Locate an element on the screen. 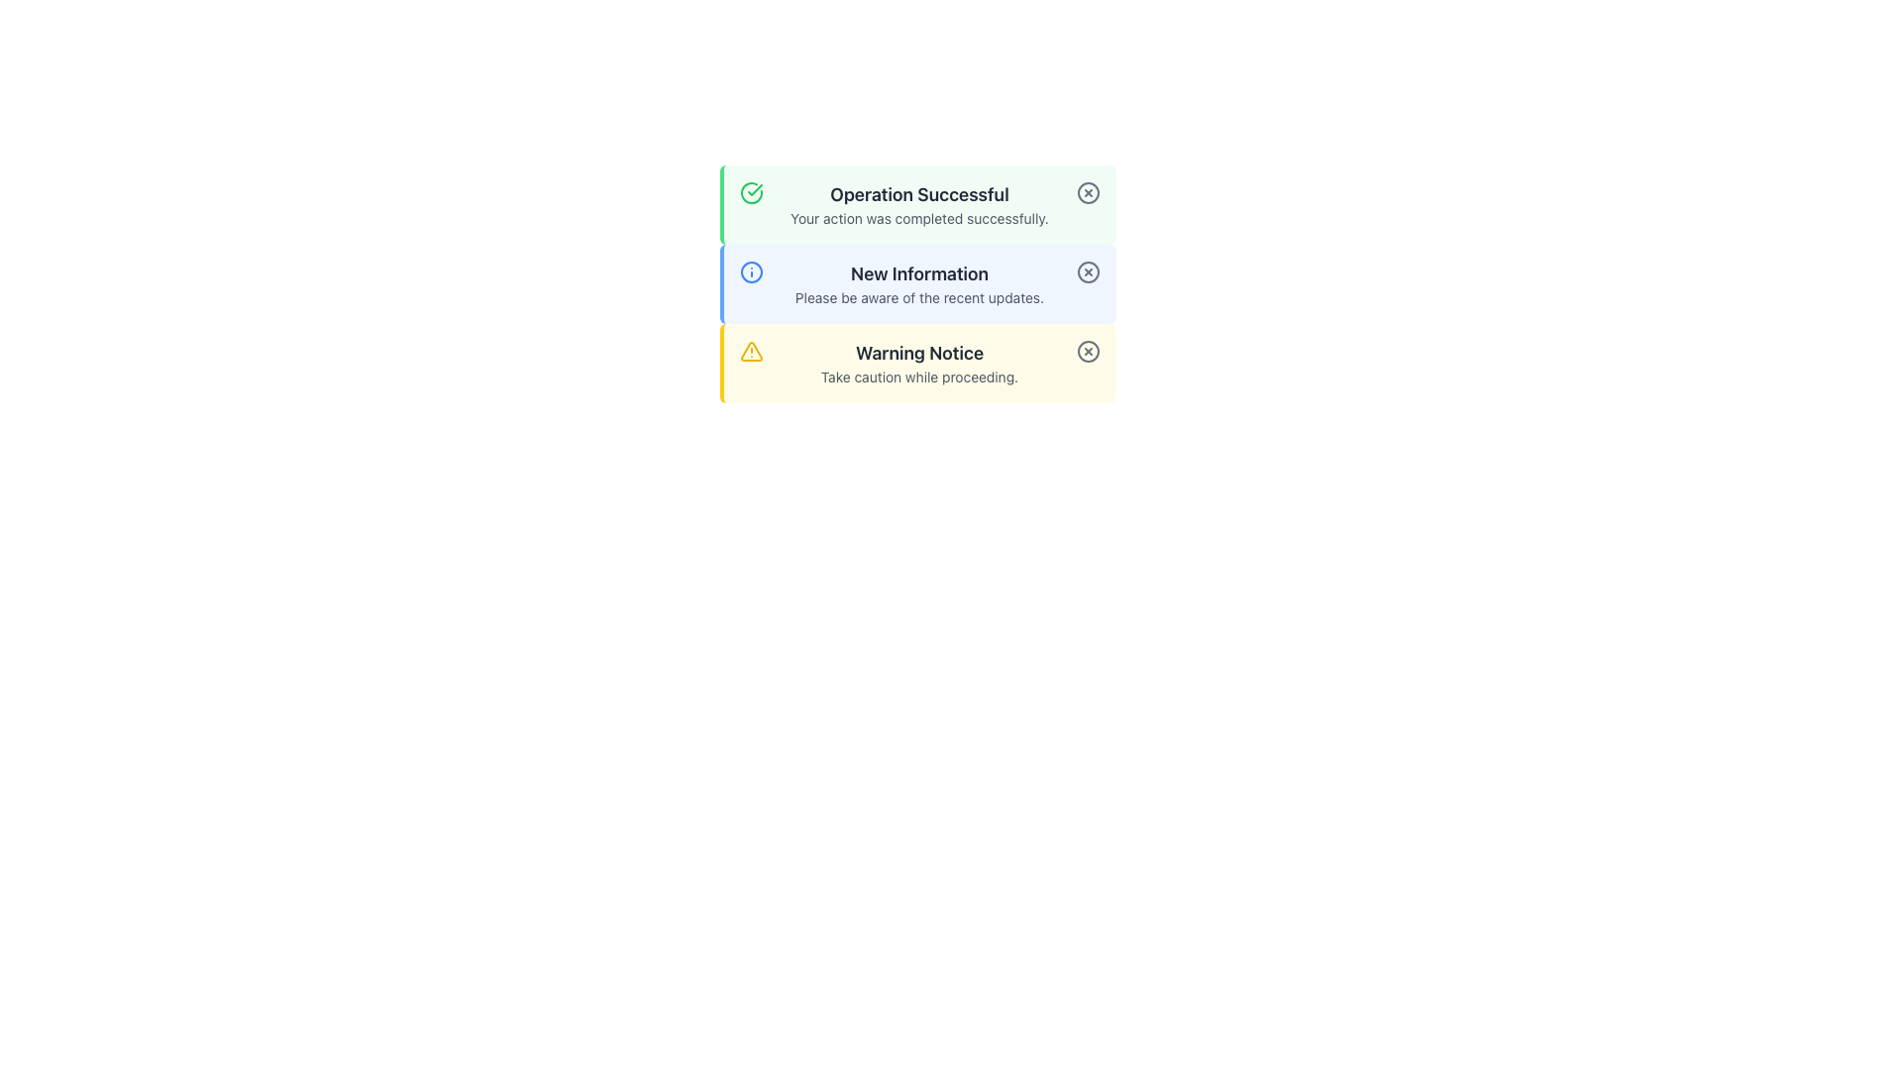 Image resolution: width=1902 pixels, height=1070 pixels. the triangular warning icon with a bold yellow border, located to the left of the warning message in the lower-left region of the 'Warning Notice' message box is located at coordinates (750, 350).